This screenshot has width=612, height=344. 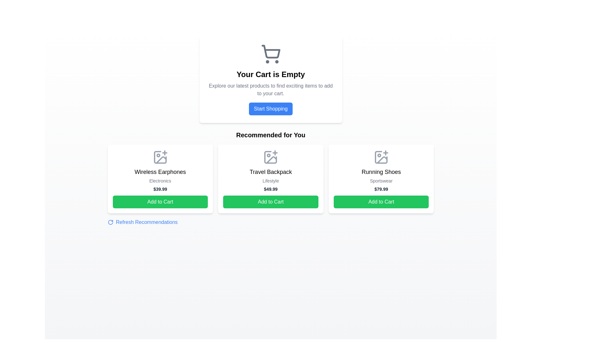 I want to click on the gray angular line component of the SVG icon located at the bottom-left of the 'Running Shoes' product card, so click(x=382, y=160).